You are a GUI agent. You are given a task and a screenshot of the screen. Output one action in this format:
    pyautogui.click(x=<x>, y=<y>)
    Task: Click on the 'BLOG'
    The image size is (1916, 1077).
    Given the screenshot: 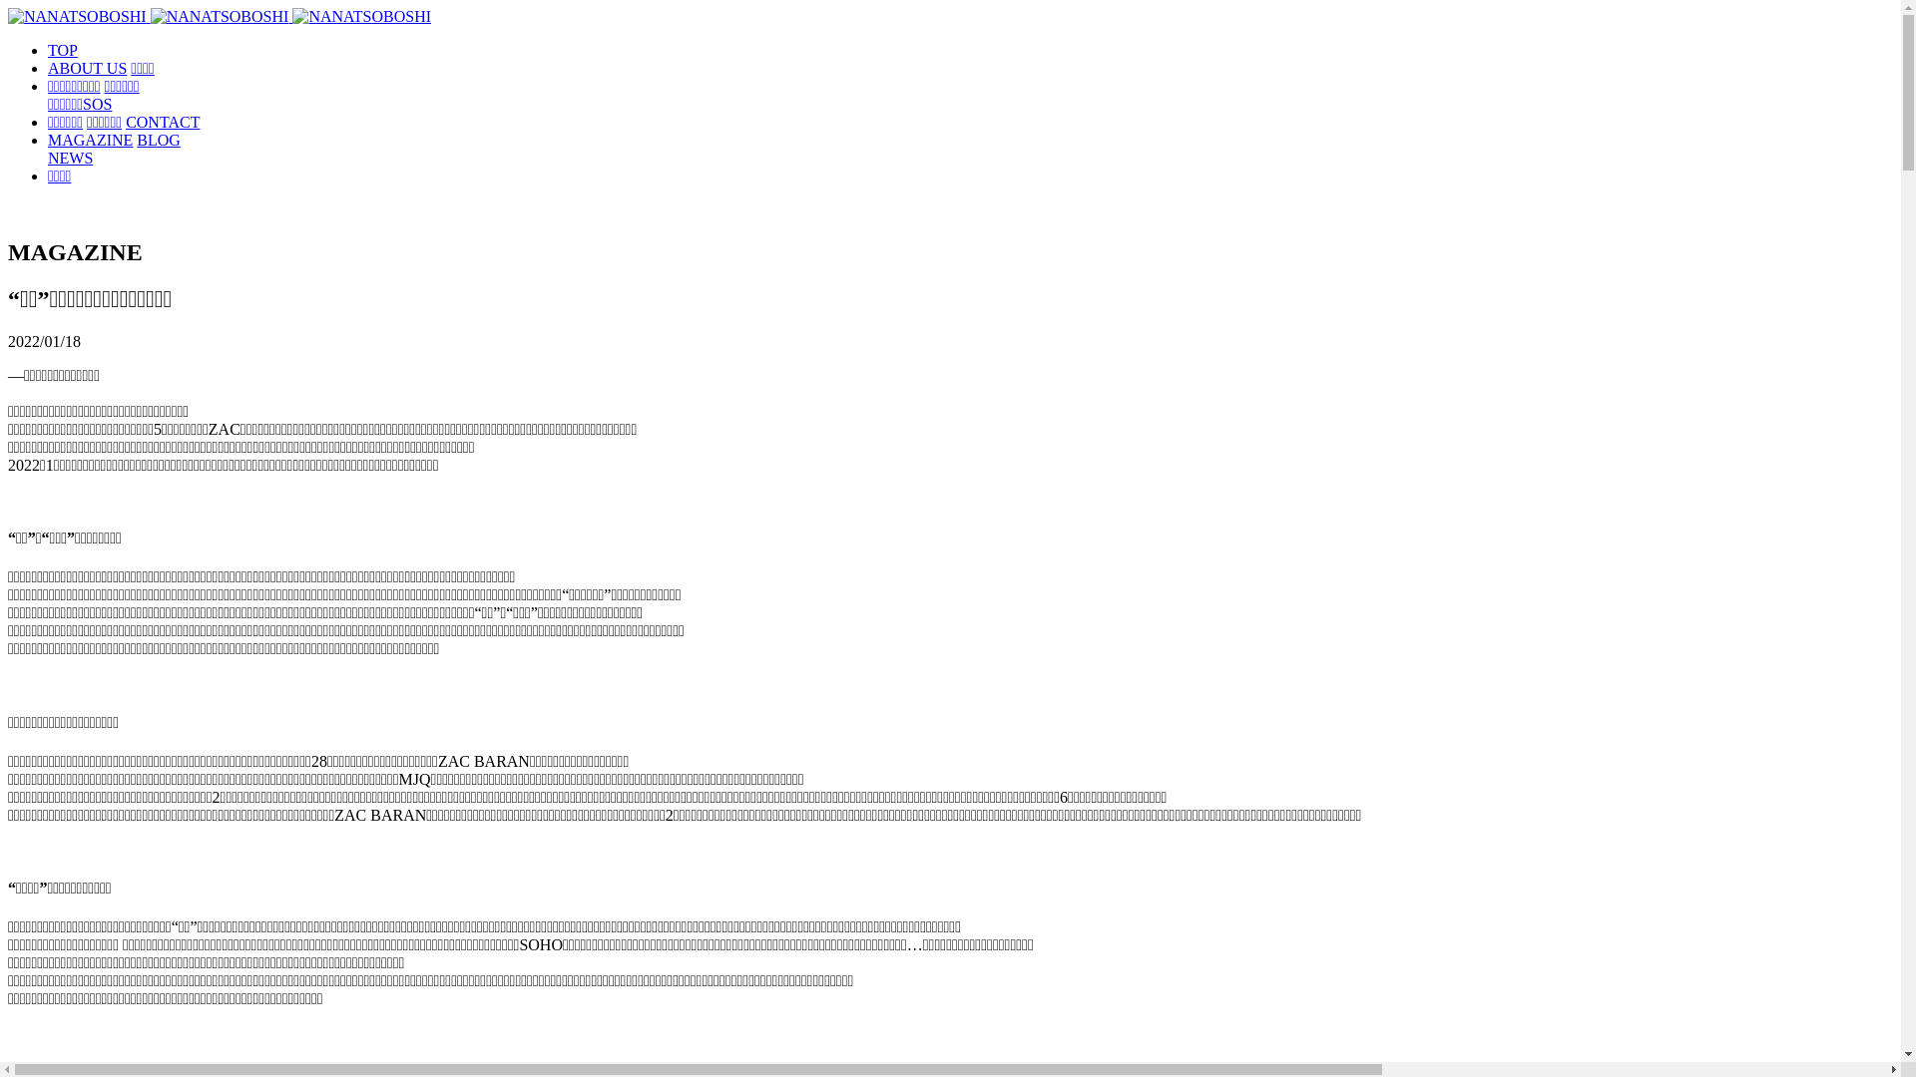 What is the action you would take?
    pyautogui.click(x=157, y=139)
    